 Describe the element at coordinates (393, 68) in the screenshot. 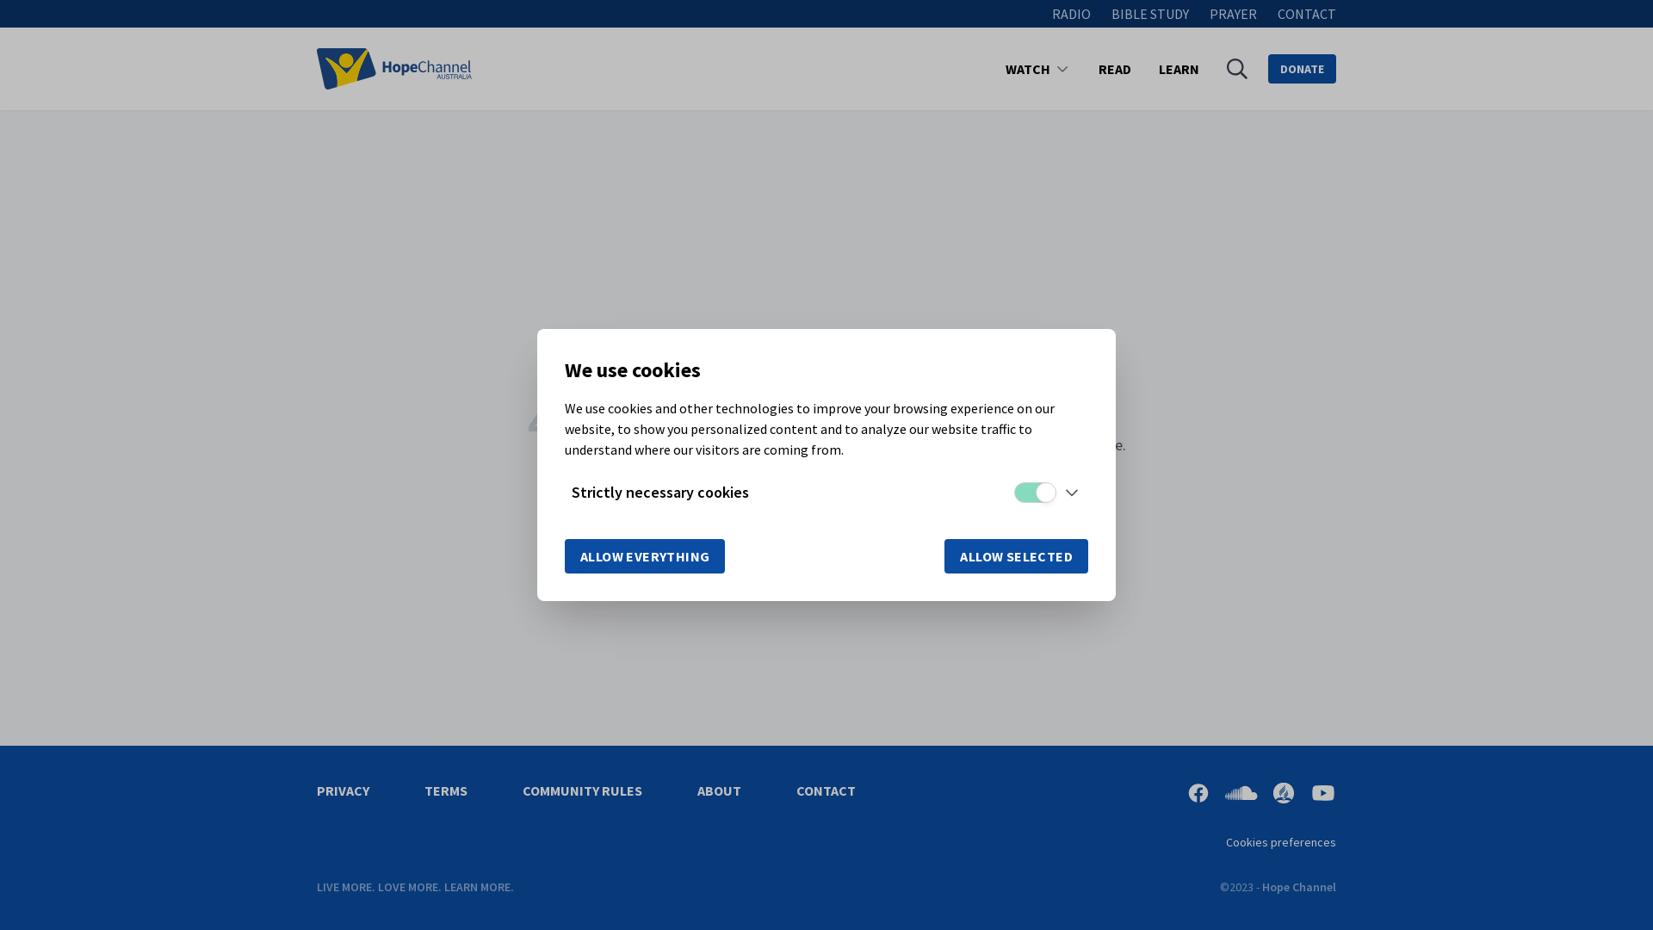

I see `'Hope Channel Austraila'` at that location.